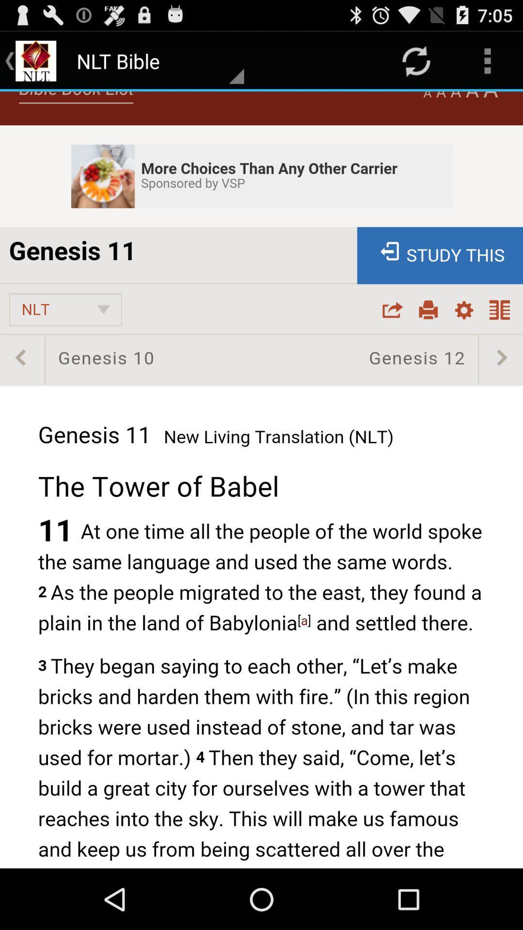  What do you see at coordinates (261, 480) in the screenshot?
I see `content in seen` at bounding box center [261, 480].